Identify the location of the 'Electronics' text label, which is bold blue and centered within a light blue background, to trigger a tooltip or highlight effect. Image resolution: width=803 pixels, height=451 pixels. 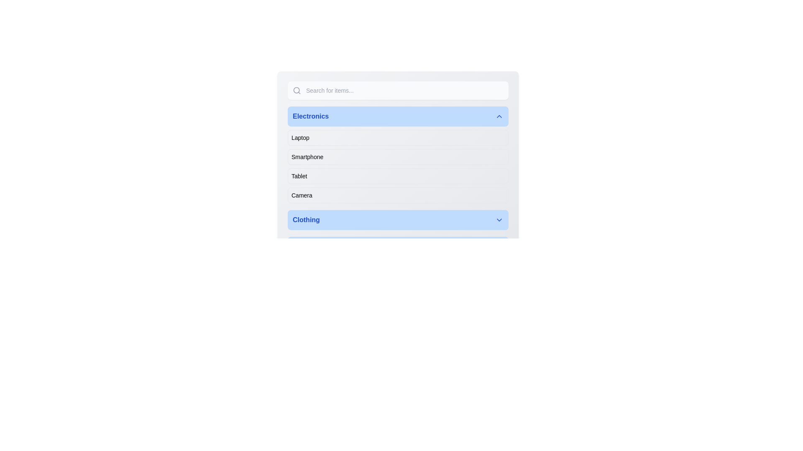
(310, 116).